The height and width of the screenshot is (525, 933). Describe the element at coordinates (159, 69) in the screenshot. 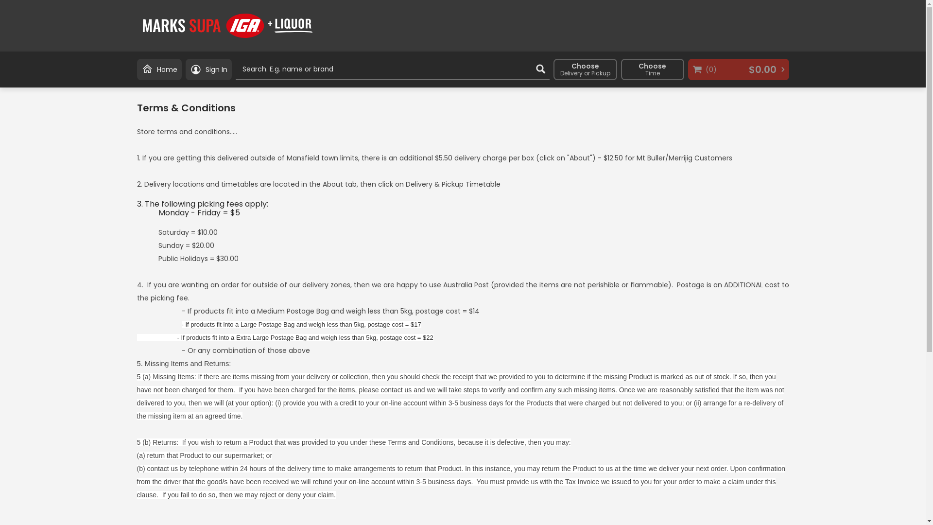

I see `'Home'` at that location.